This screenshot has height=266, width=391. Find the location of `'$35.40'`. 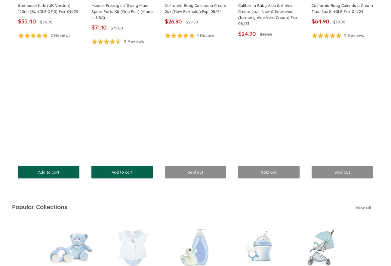

'$35.40' is located at coordinates (27, 21).